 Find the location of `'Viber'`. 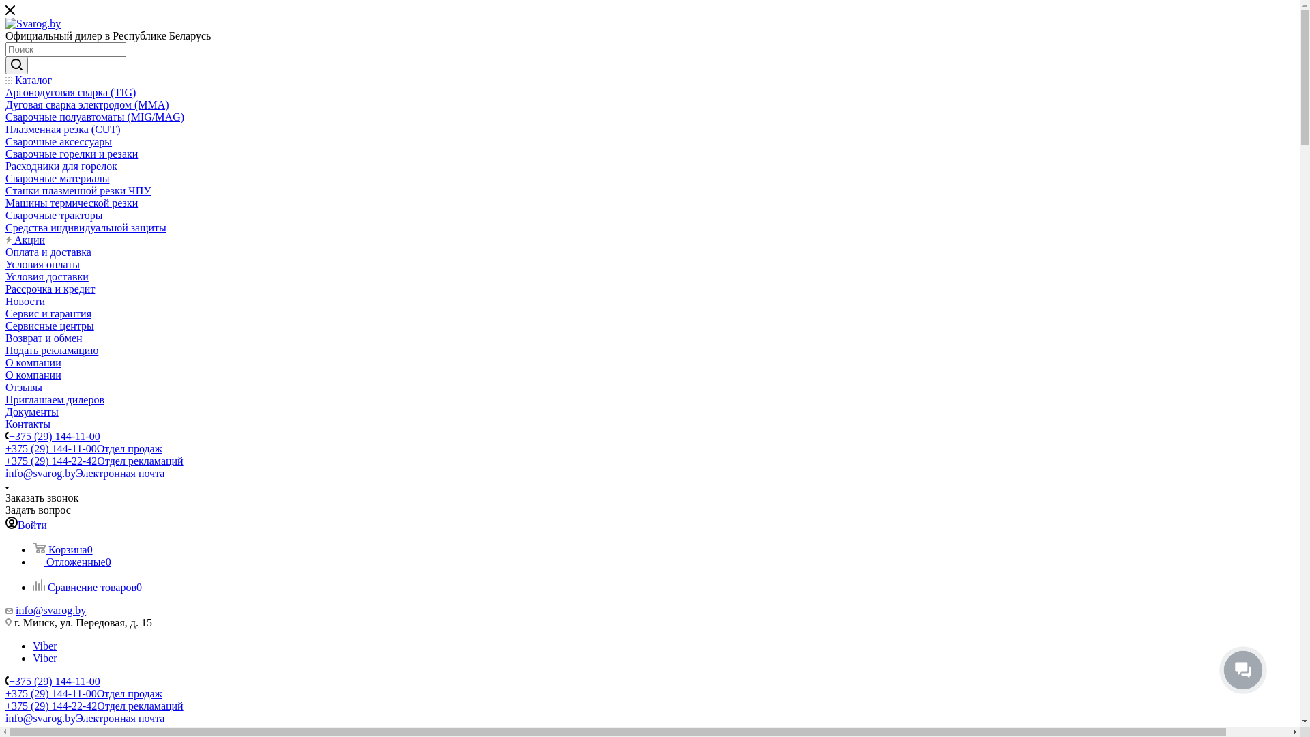

'Viber' is located at coordinates (44, 645).